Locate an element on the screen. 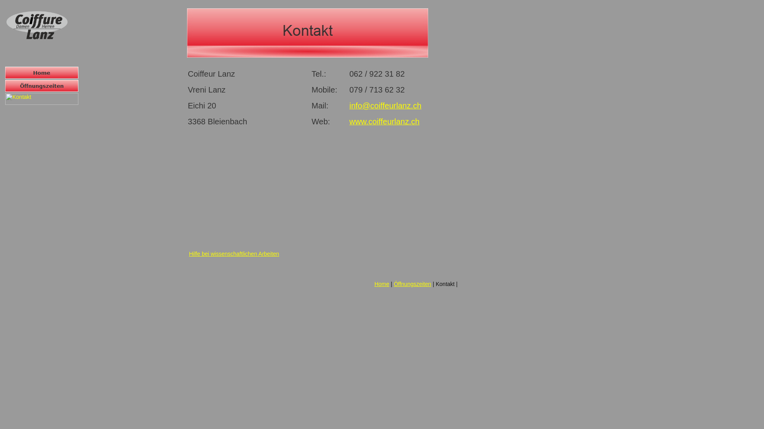 The height and width of the screenshot is (429, 764). 'info@coiffeurlanz.ch' is located at coordinates (385, 106).